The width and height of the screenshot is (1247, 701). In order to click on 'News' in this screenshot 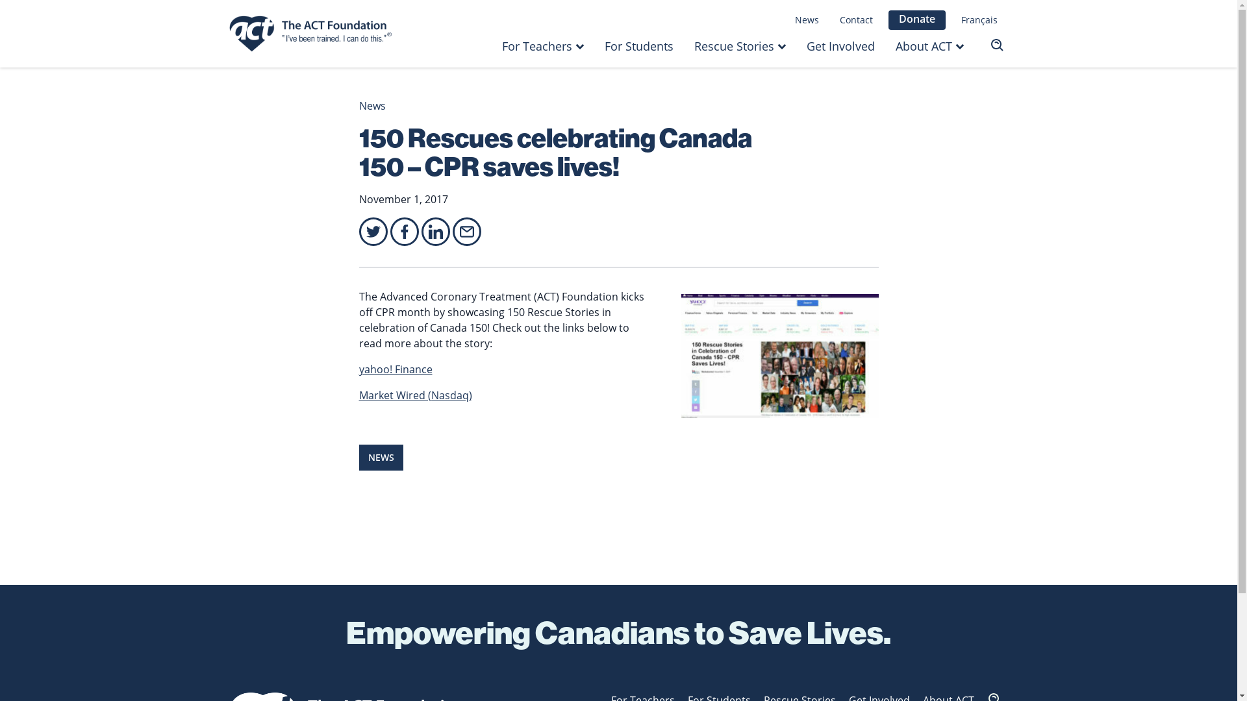, I will do `click(784, 19)`.